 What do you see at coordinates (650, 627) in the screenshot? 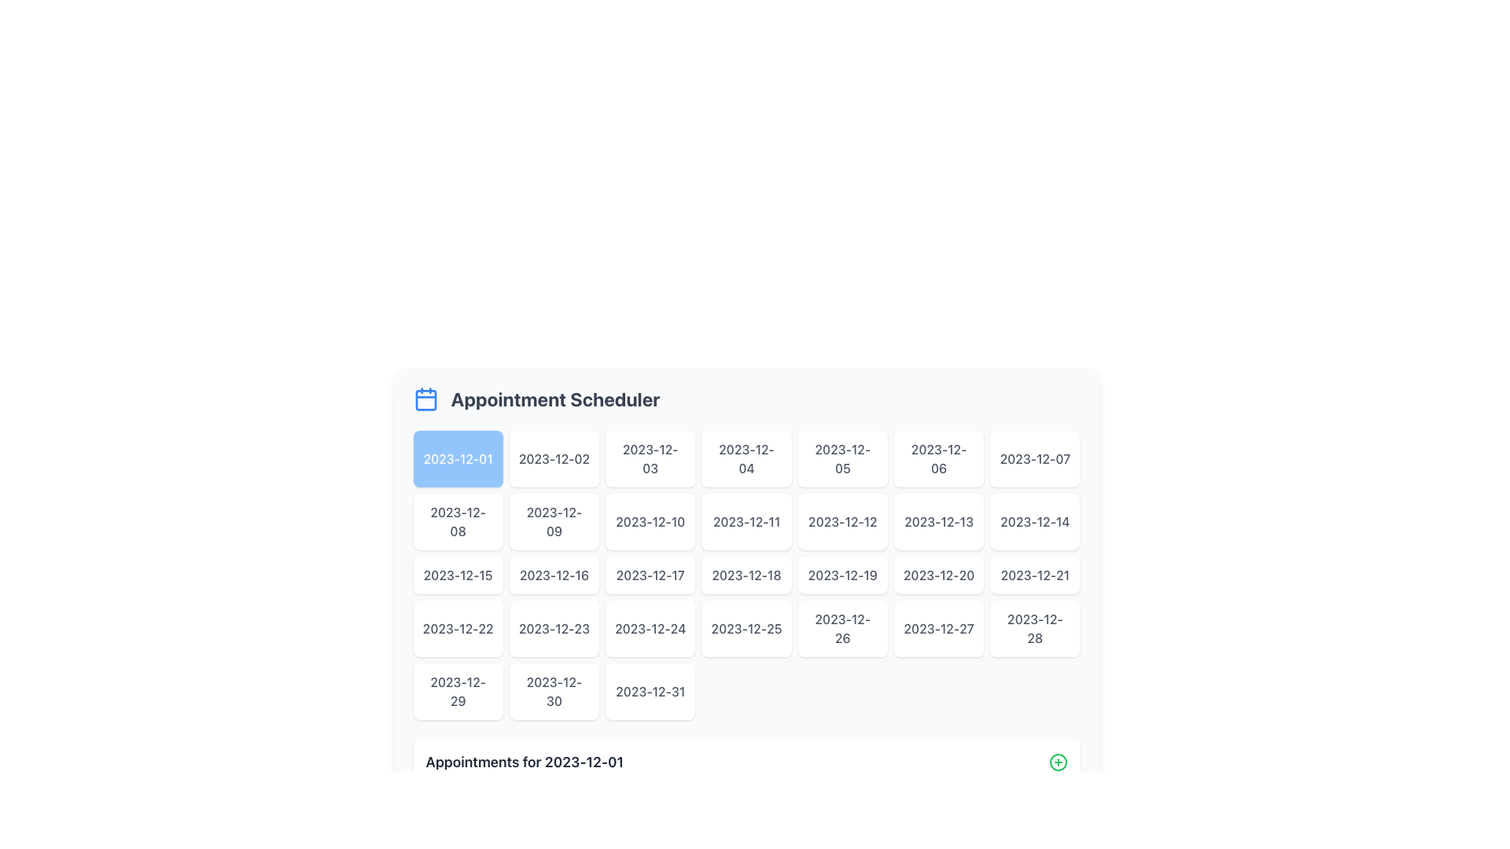
I see `the rectangular card displaying the date '2023-12-24' in the calendar grid` at bounding box center [650, 627].